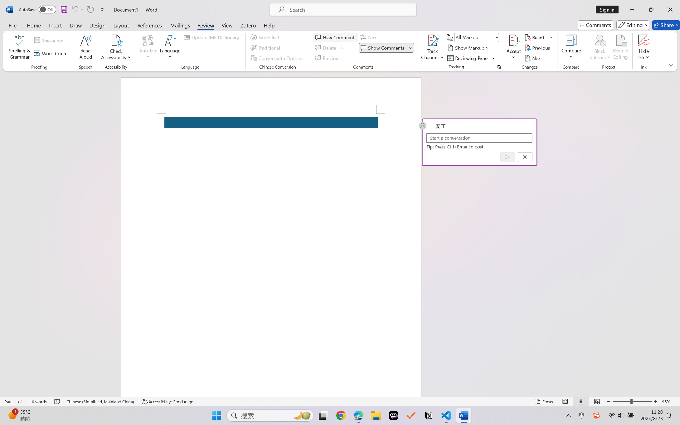 This screenshot has height=425, width=680. Describe the element at coordinates (77, 9) in the screenshot. I see `'Undo Apply Quick Style Set'` at that location.